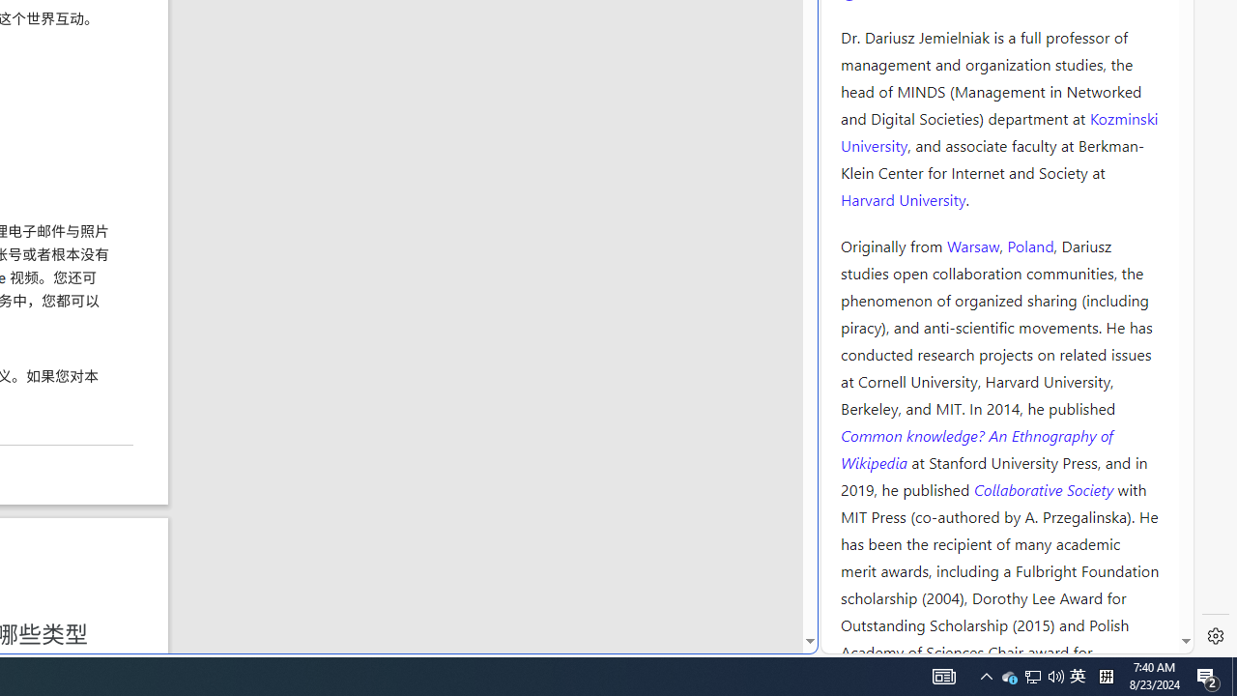 The height and width of the screenshot is (696, 1237). Describe the element at coordinates (903, 198) in the screenshot. I see `'Harvard University'` at that location.